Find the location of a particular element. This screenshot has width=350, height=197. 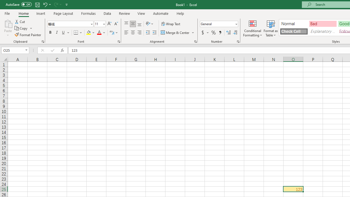

'File Tab' is located at coordinates (7, 13).